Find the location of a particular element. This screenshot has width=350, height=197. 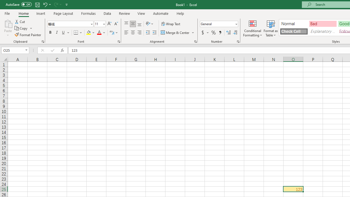

'File Tab' is located at coordinates (7, 13).